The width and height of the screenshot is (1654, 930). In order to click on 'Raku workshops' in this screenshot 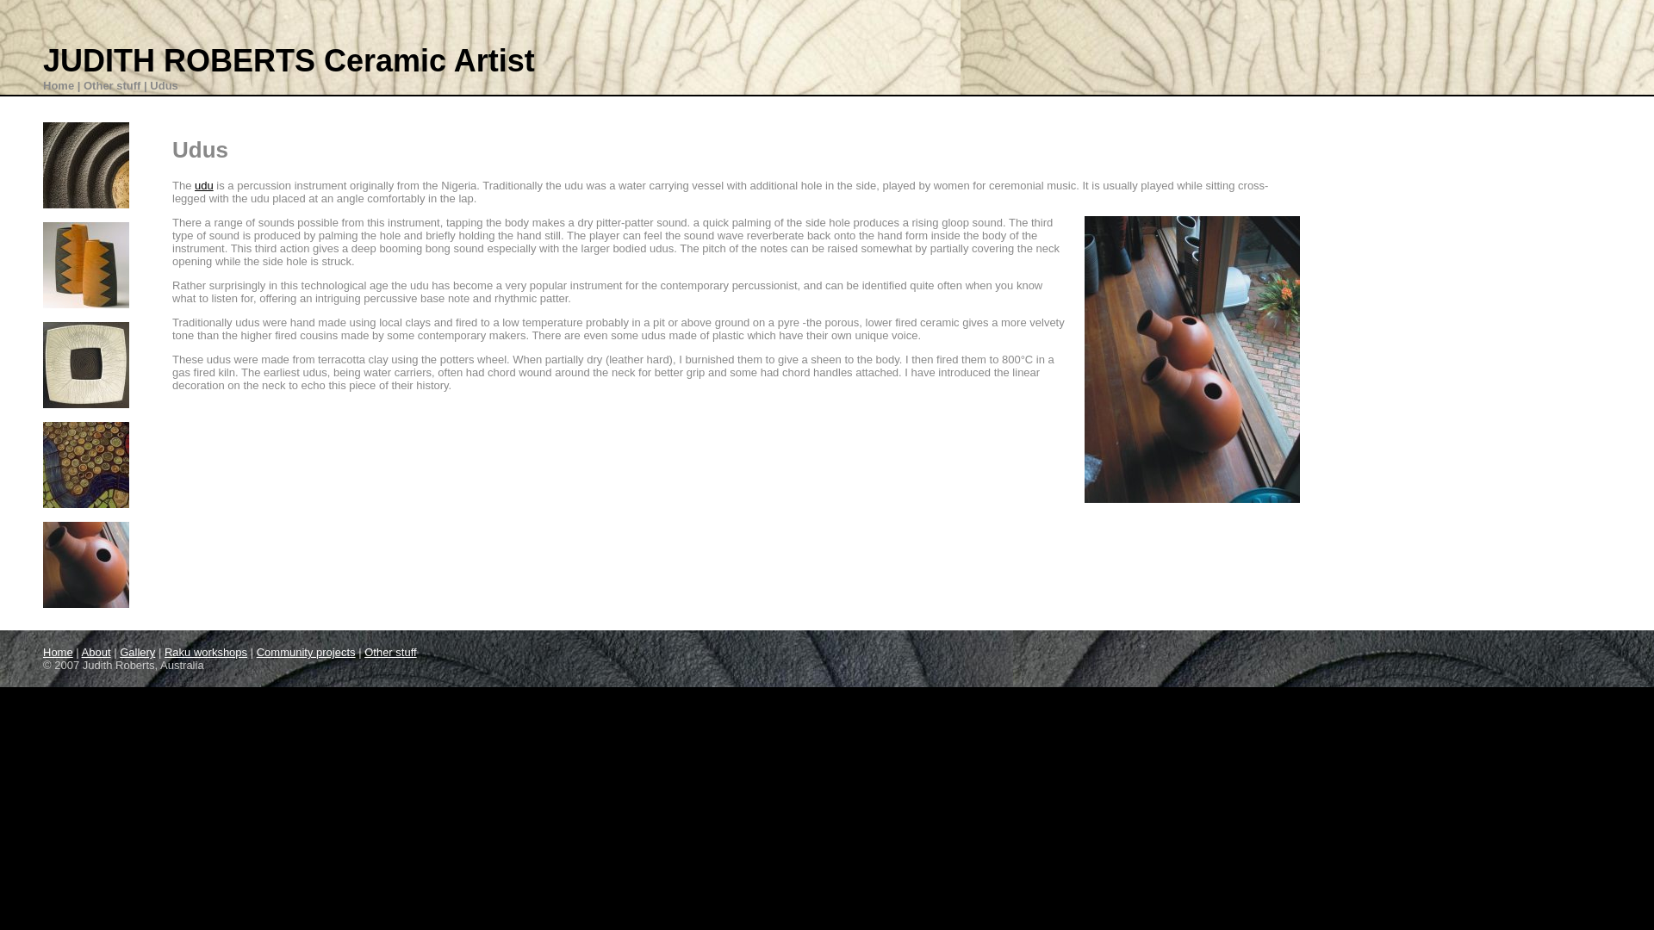, I will do `click(206, 652)`.